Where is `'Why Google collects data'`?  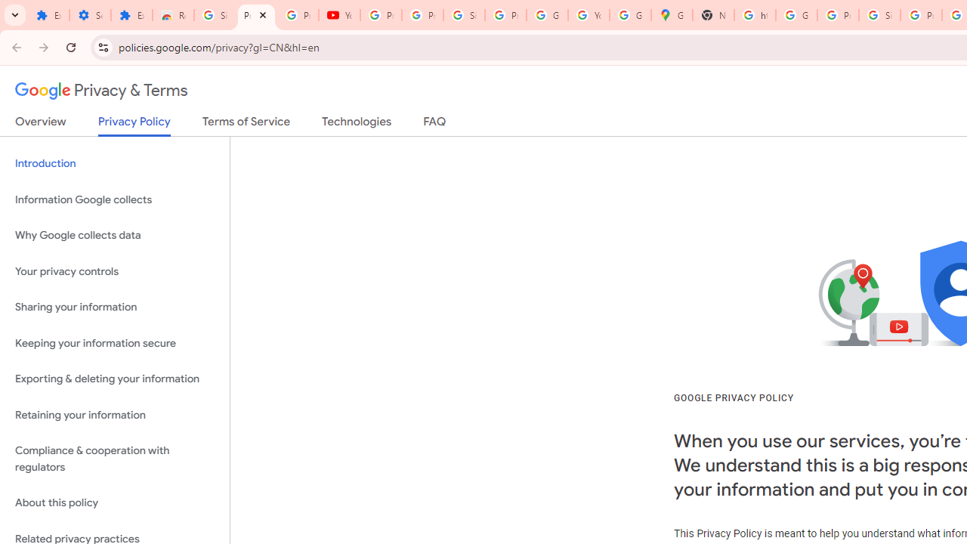 'Why Google collects data' is located at coordinates (114, 236).